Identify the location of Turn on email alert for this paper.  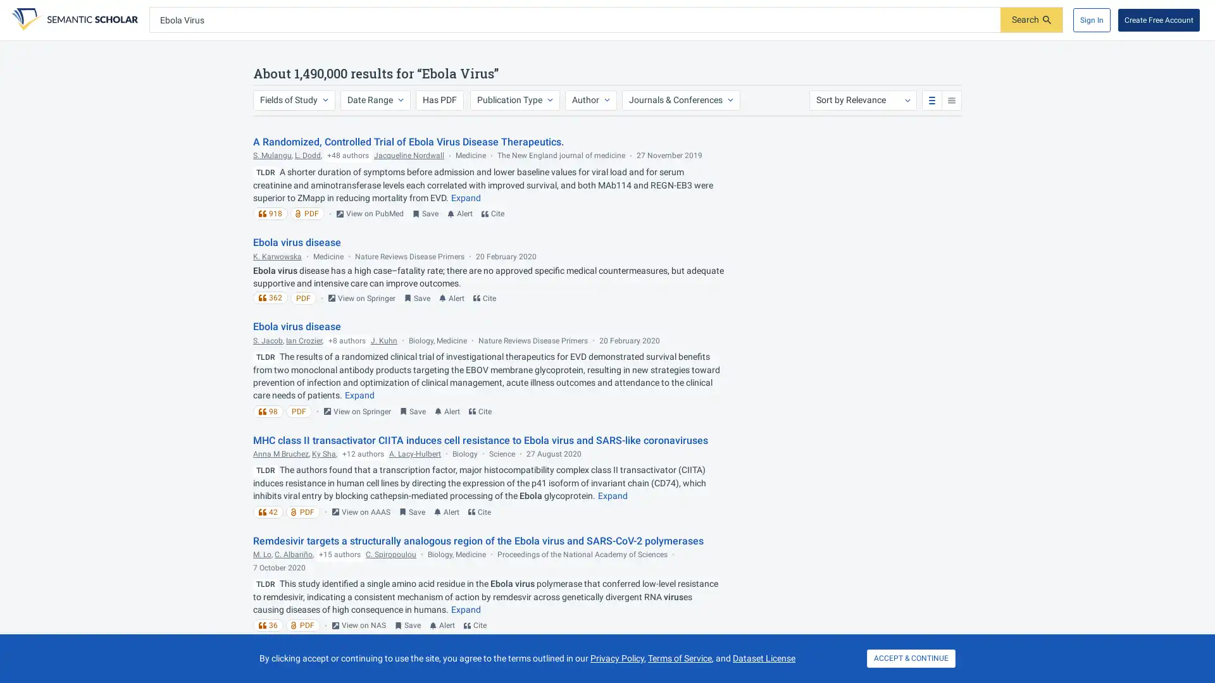
(446, 511).